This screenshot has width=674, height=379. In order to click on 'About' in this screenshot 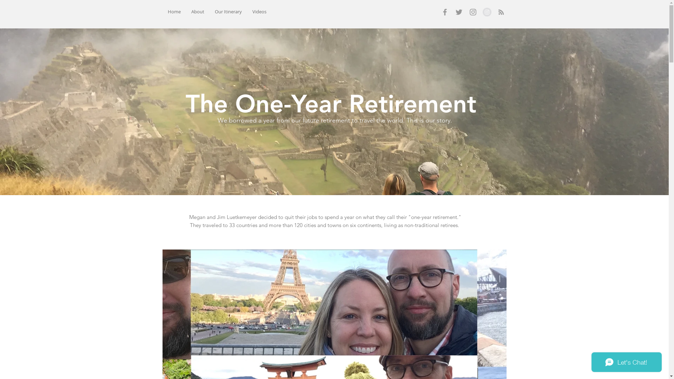, I will do `click(197, 12)`.